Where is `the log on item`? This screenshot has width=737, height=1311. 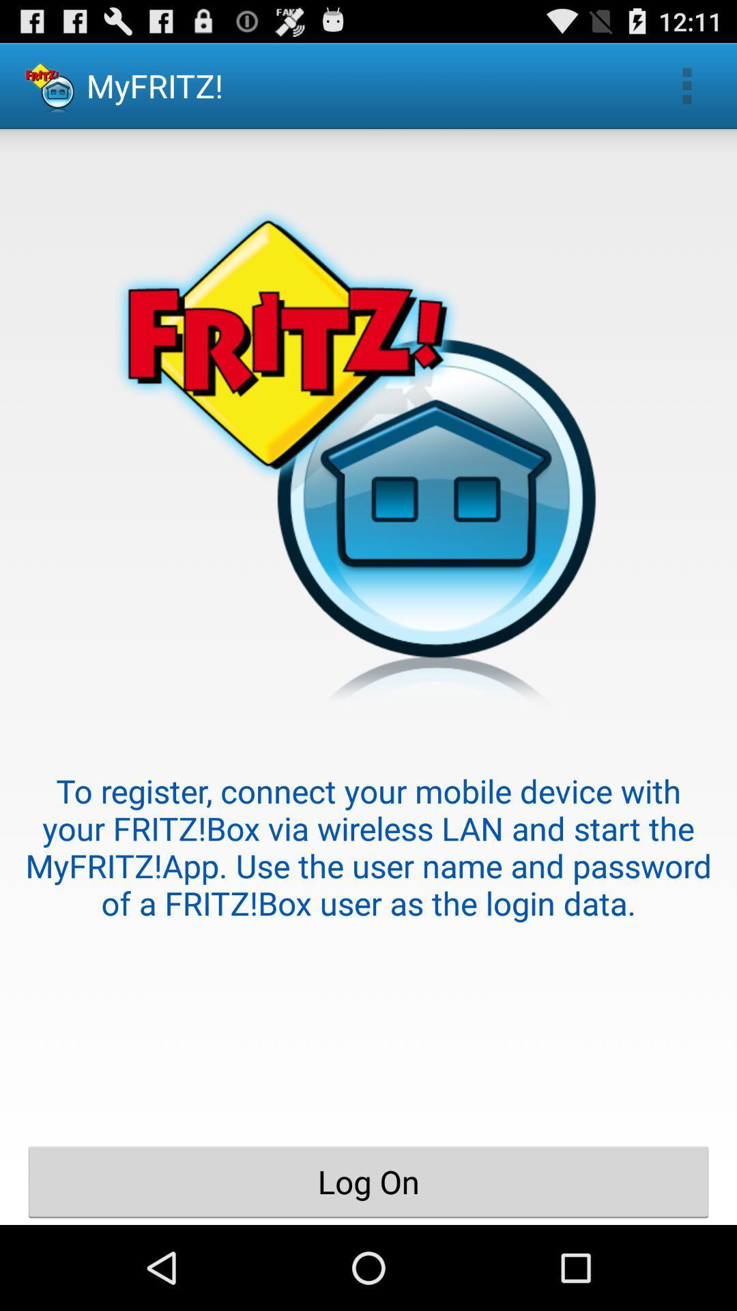 the log on item is located at coordinates (369, 1181).